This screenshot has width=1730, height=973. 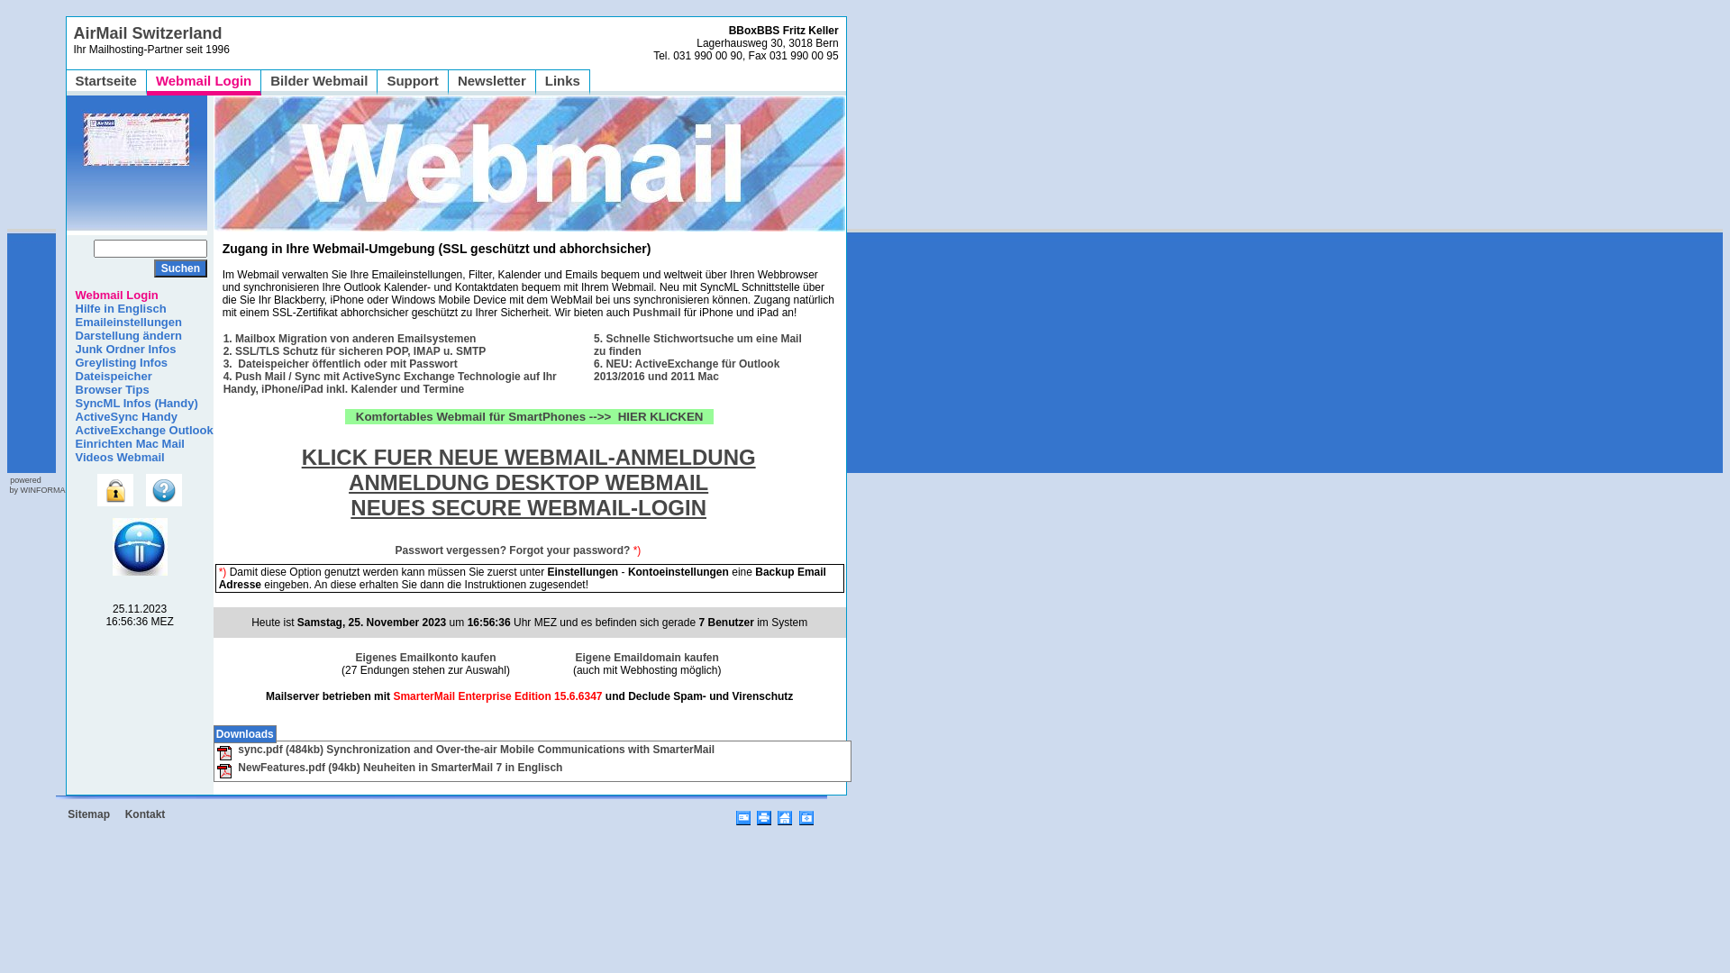 I want to click on 'Suchen', so click(x=180, y=268).